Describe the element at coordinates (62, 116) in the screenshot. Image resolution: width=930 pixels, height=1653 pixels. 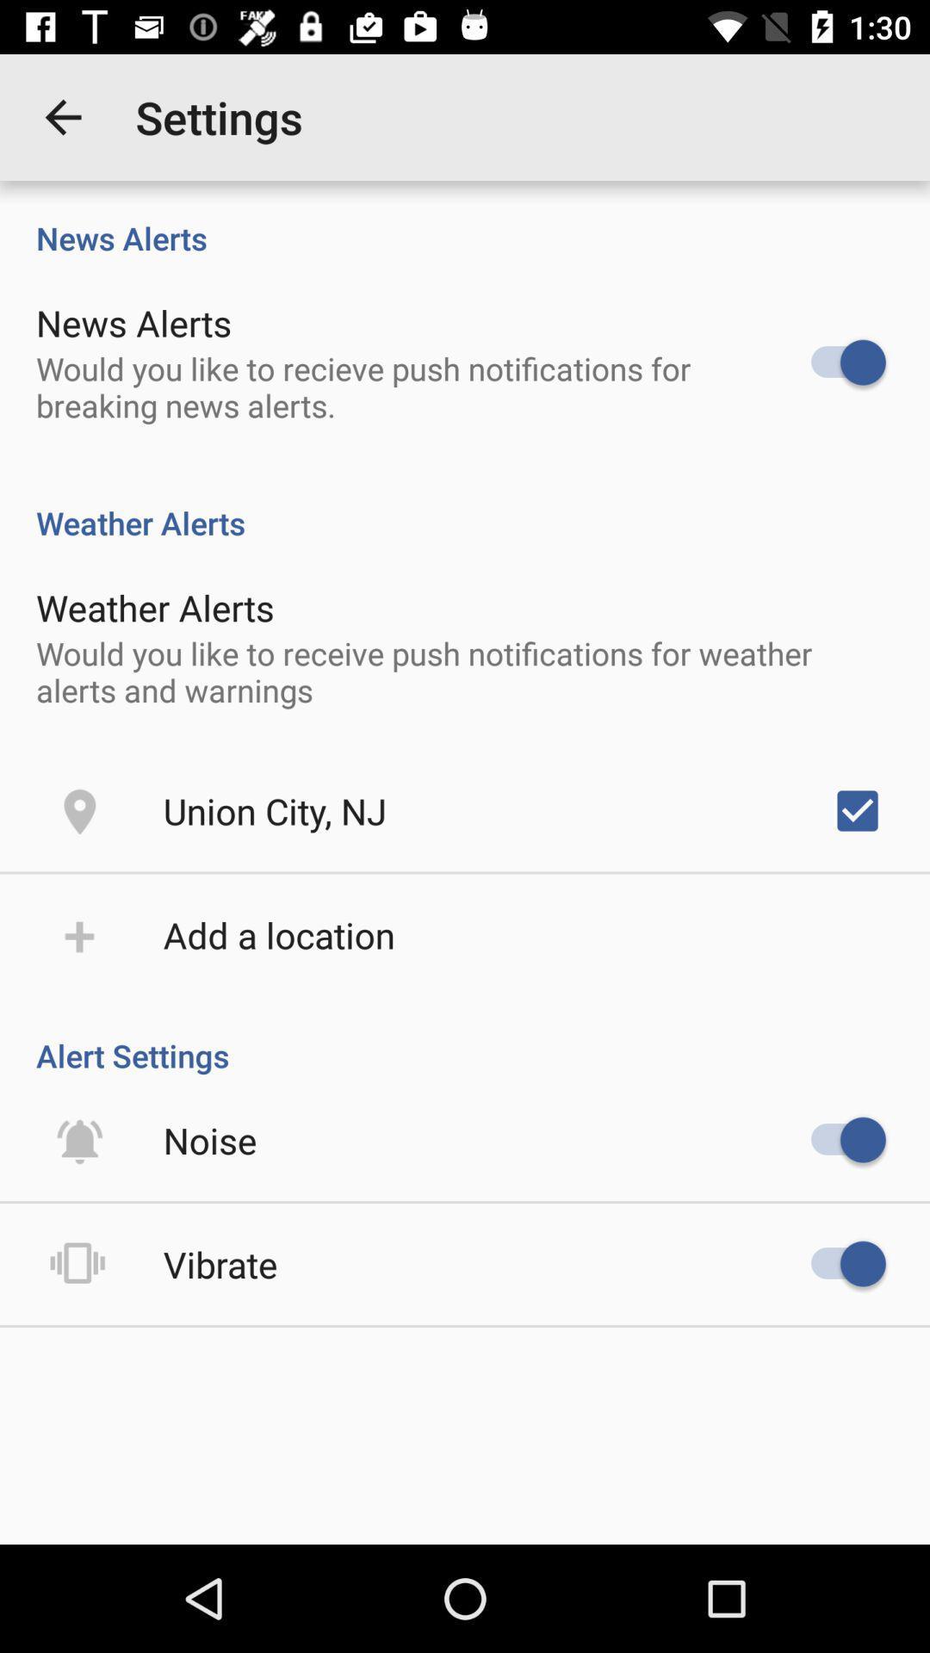
I see `the icon to the left of settings` at that location.